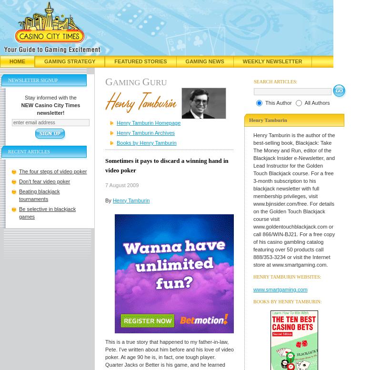  Describe the element at coordinates (149, 82) in the screenshot. I see `'uru'` at that location.